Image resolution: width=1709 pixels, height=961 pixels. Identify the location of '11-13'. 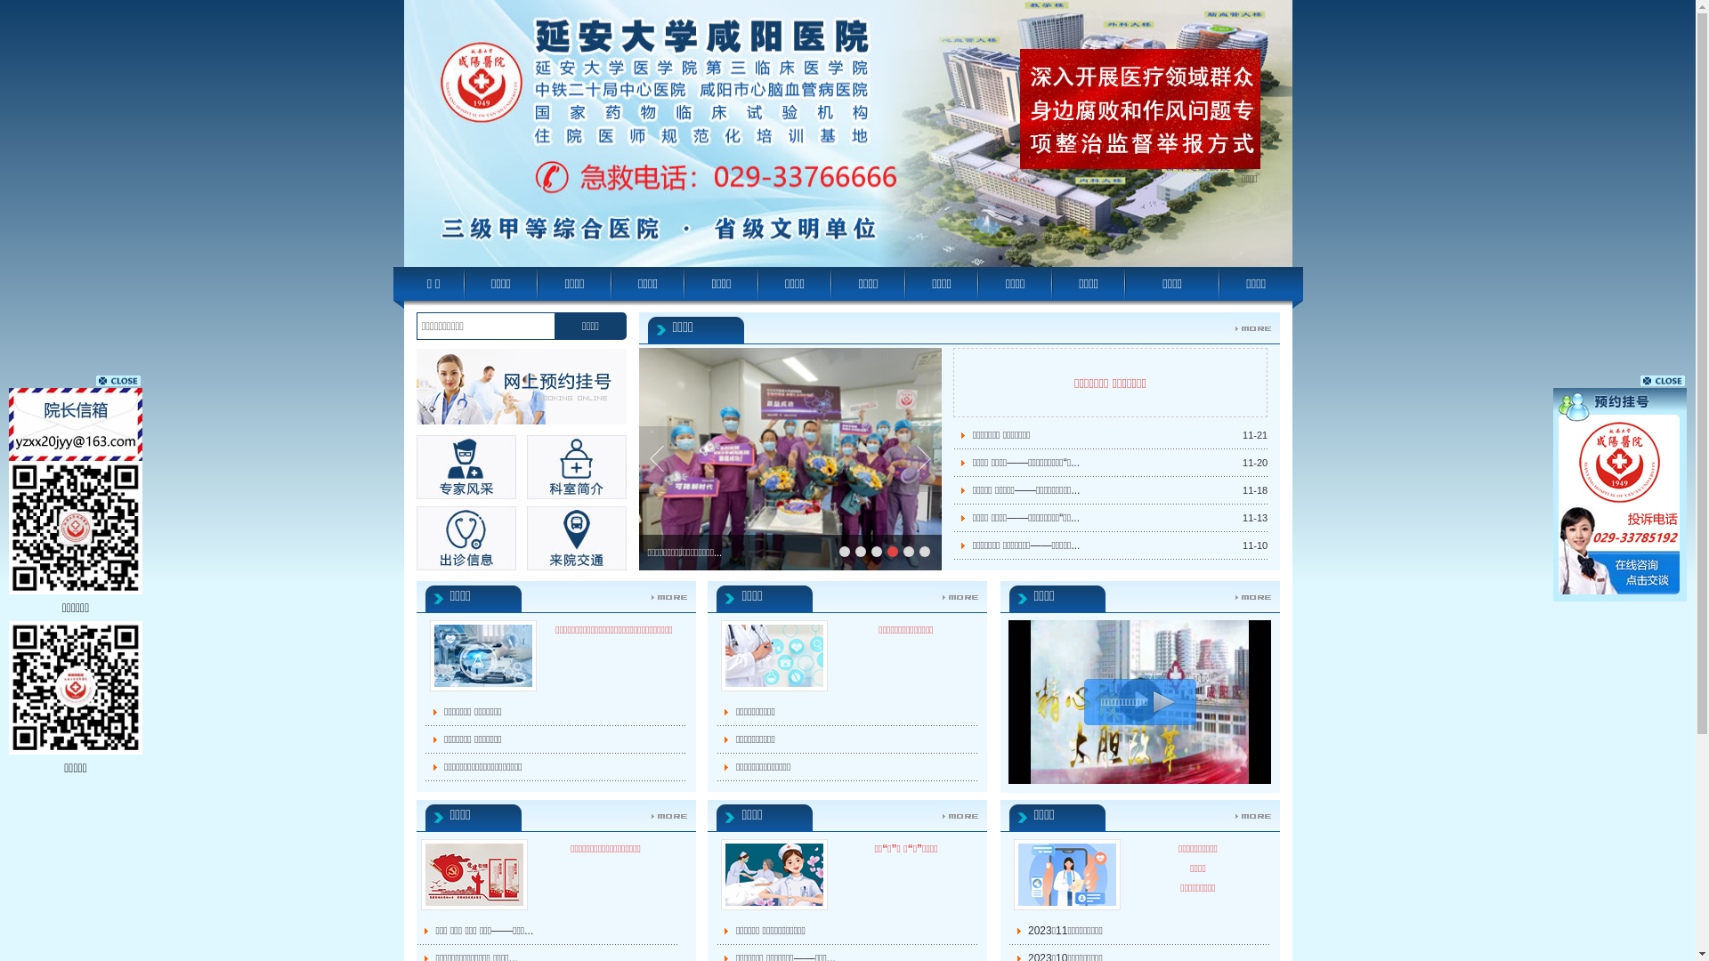
(1242, 518).